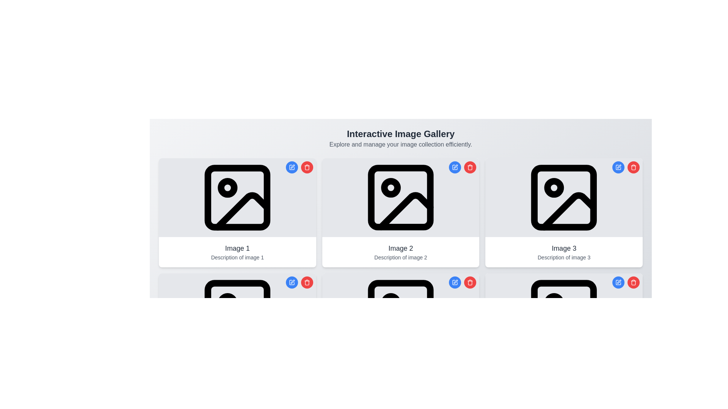 The image size is (728, 409). Describe the element at coordinates (227, 187) in the screenshot. I see `the top-left decorative graphical icon within the image placeholder for 'Image 1'` at that location.